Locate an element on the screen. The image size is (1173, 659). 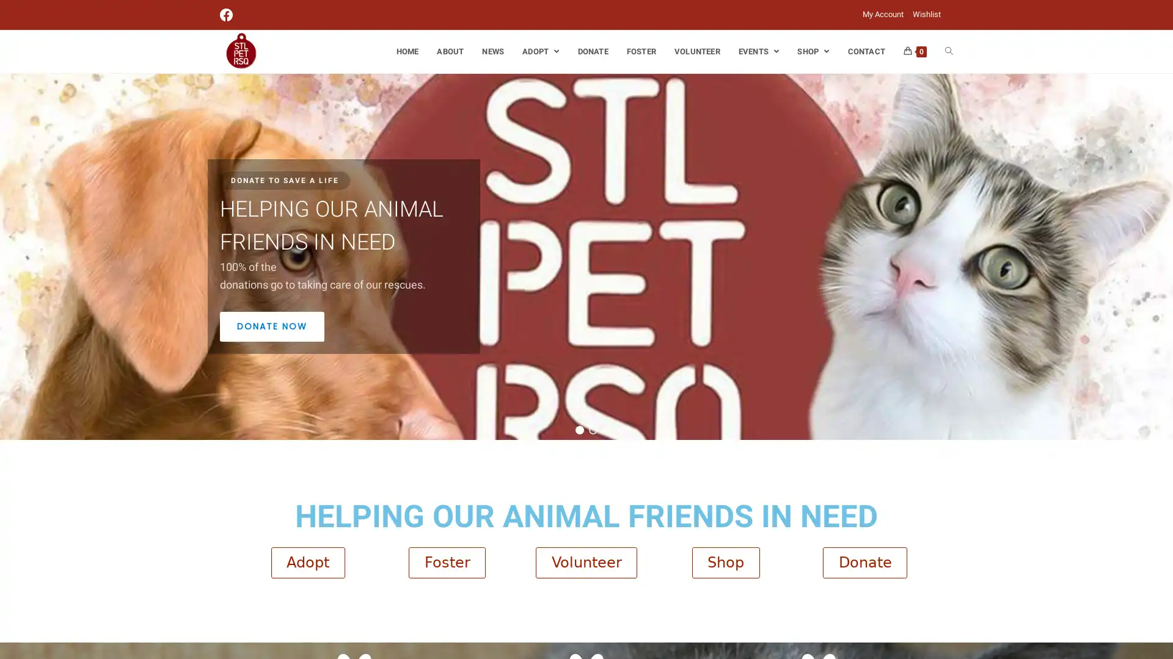
Adopt is located at coordinates (307, 562).